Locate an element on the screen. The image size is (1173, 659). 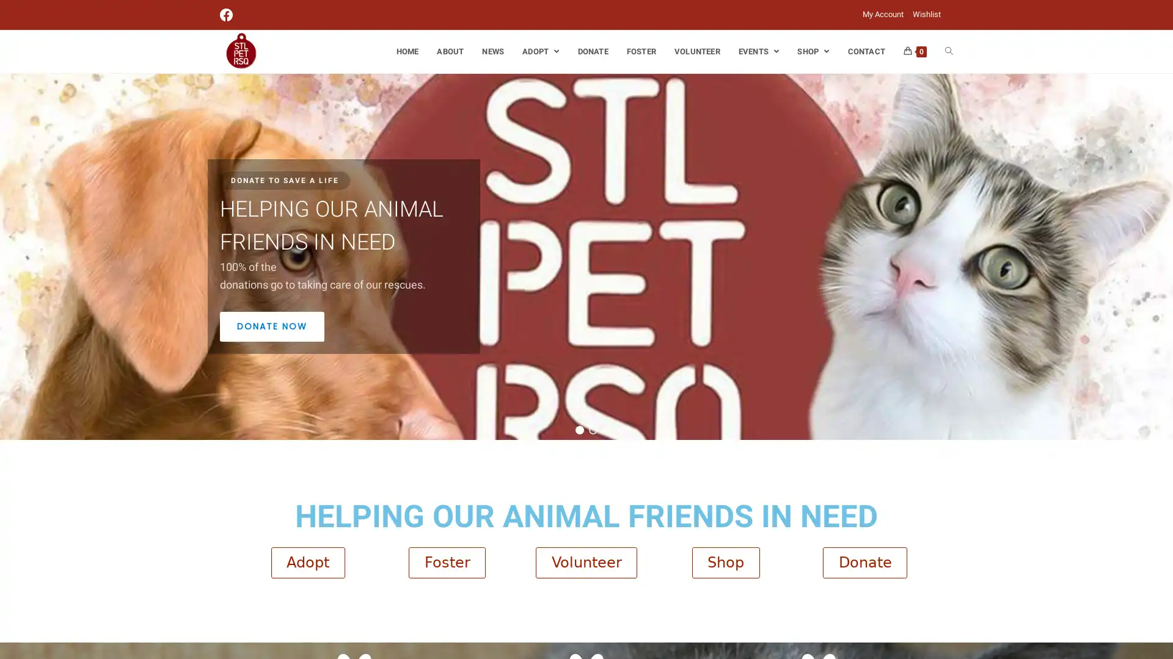
Adopt is located at coordinates (307, 562).